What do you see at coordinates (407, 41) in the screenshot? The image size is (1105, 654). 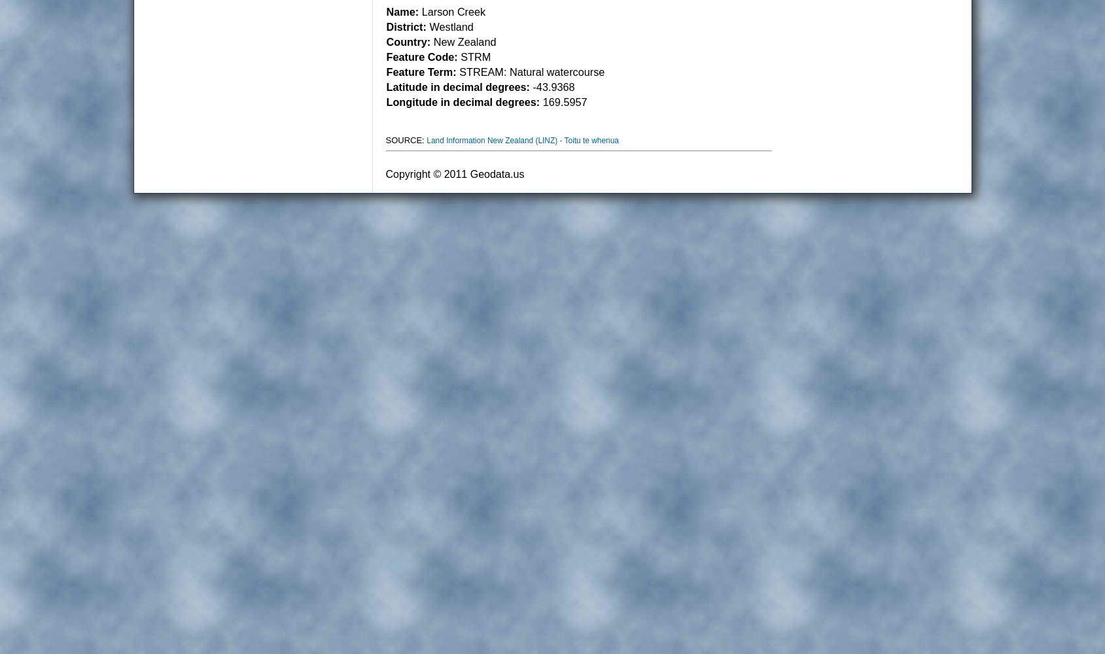 I see `'Country:'` at bounding box center [407, 41].